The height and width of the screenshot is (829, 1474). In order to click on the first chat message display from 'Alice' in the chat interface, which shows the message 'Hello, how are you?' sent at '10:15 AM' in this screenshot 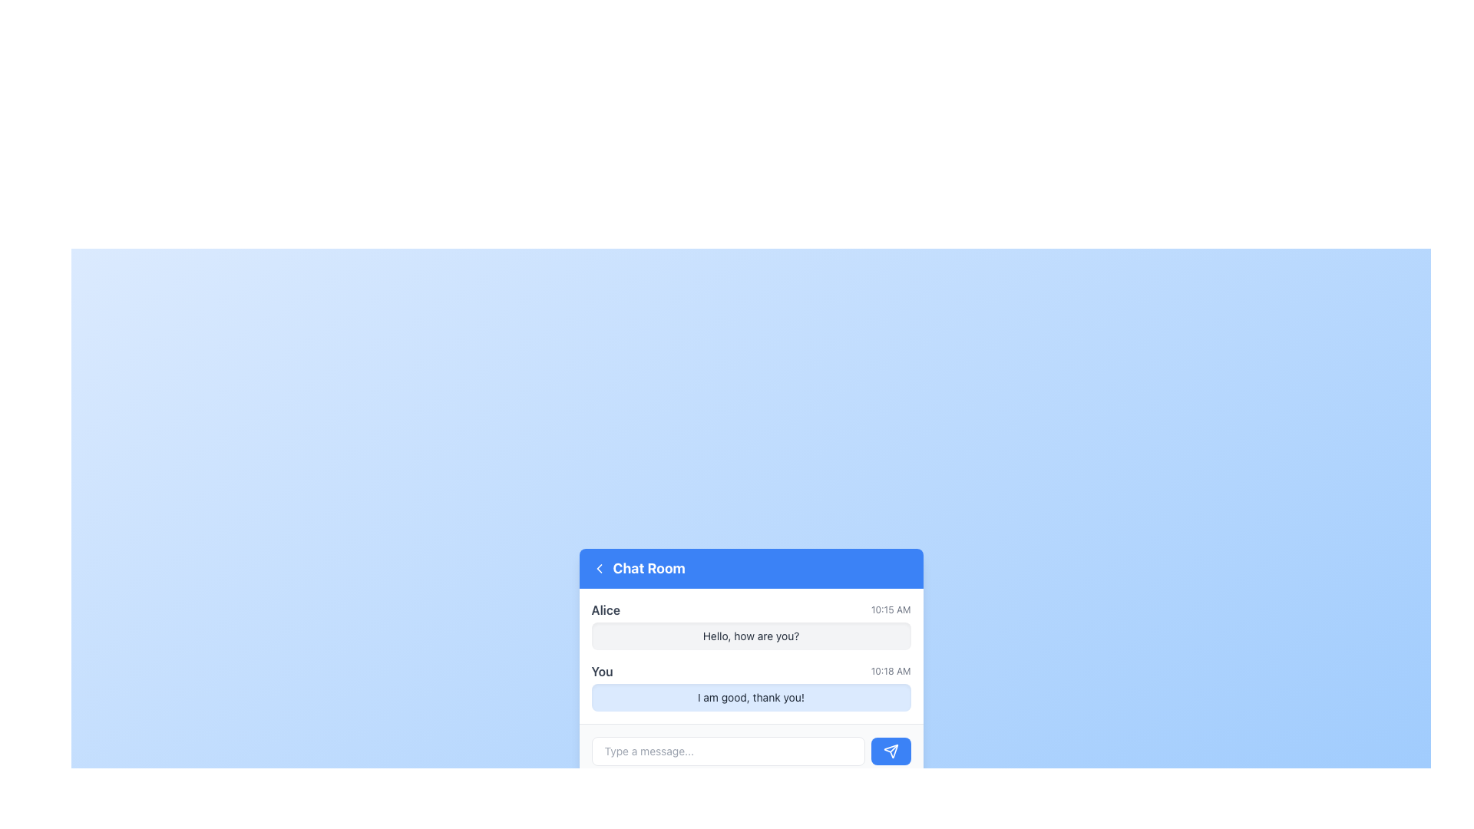, I will do `click(751, 625)`.